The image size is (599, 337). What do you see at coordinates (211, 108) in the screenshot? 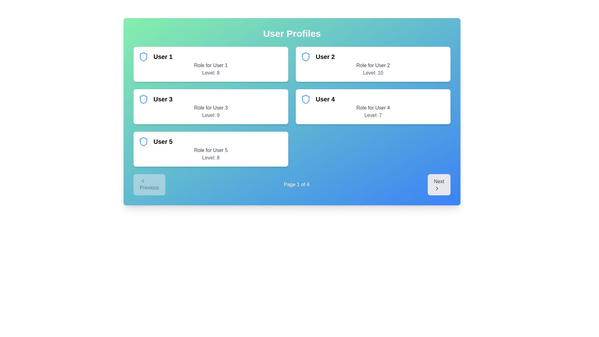
I see `the text label that reads 'Role for User 3', which is styled with a gray font color and located within the 'User 3' card, positioned below the bold 'User 3' text and above 'Level: 9'` at bounding box center [211, 108].